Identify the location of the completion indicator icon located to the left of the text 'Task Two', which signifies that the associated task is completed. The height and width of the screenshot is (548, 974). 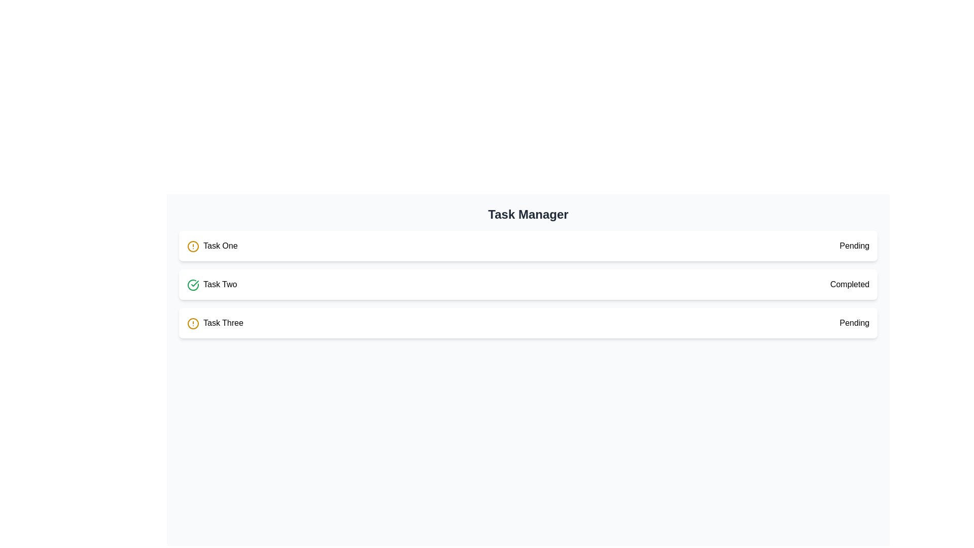
(193, 284).